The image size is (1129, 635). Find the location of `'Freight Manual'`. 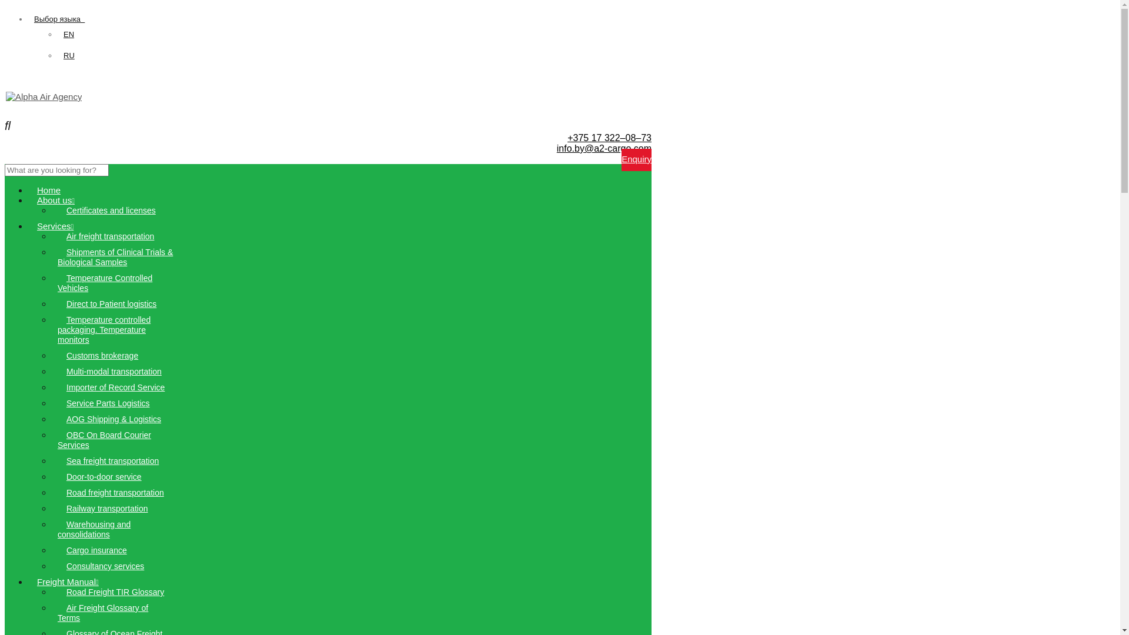

'Freight Manual' is located at coordinates (67, 581).